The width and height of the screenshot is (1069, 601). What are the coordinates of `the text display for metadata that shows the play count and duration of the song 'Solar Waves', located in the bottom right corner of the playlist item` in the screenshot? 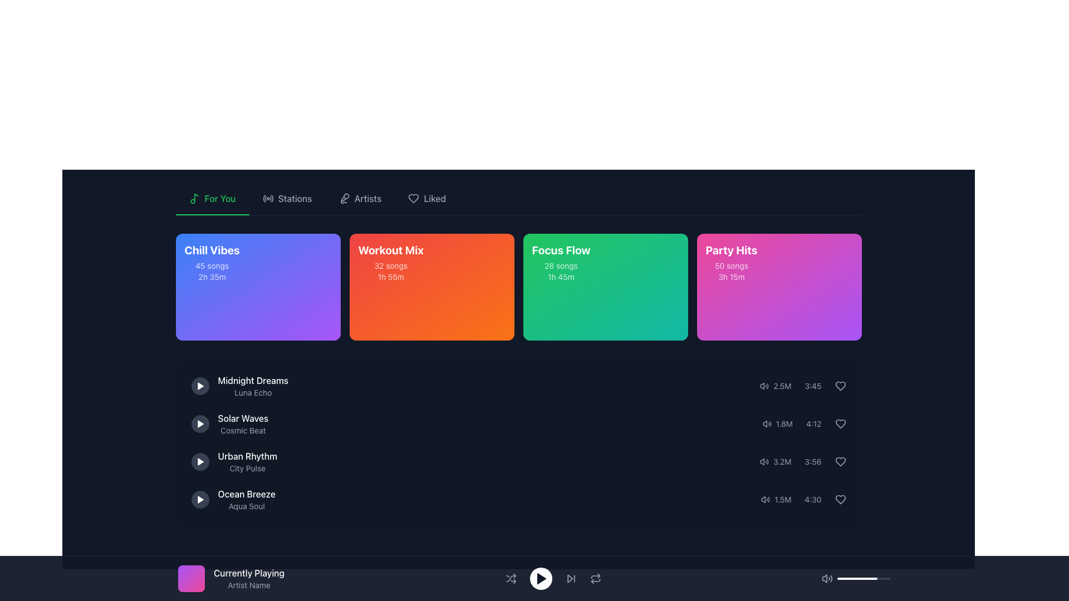 It's located at (804, 424).